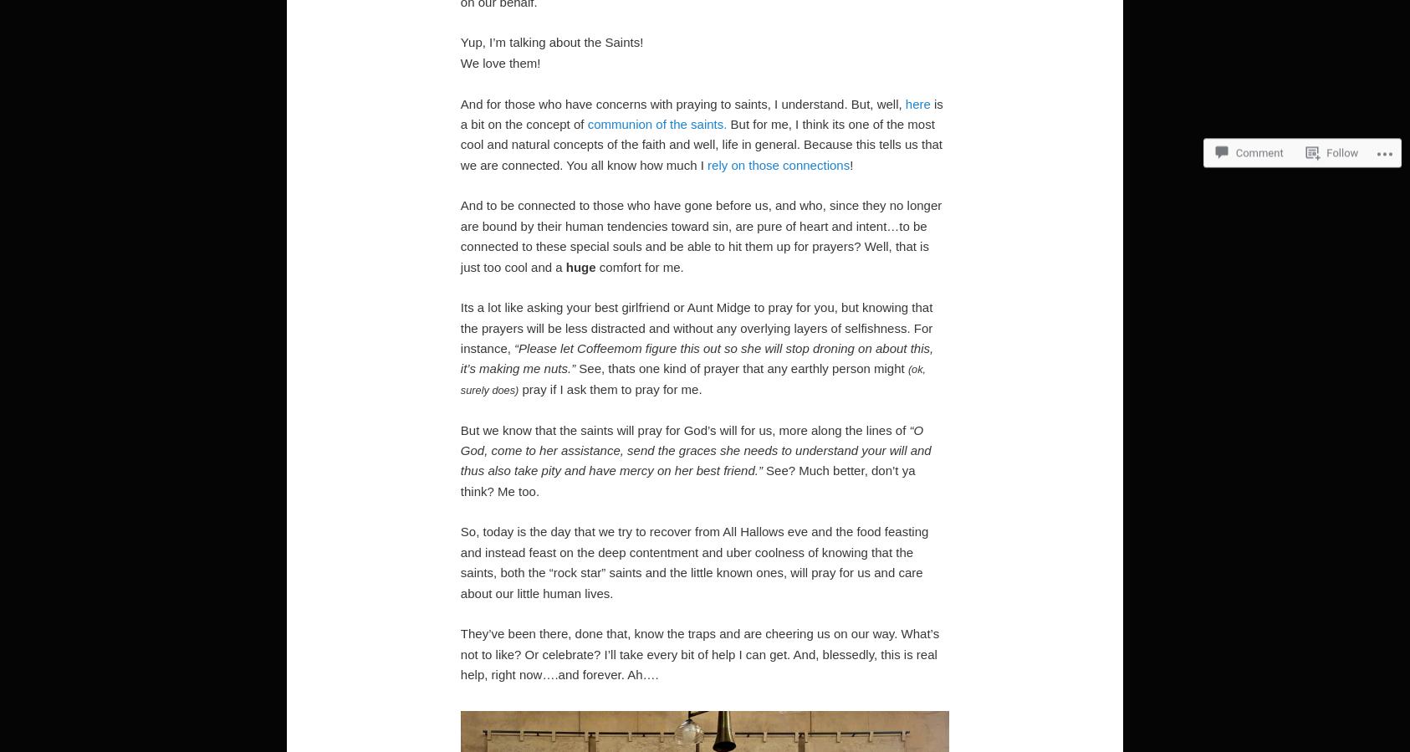  Describe the element at coordinates (459, 429) in the screenshot. I see `'But we know that the saints will pray for God’s will for us, more along the lines of'` at that location.